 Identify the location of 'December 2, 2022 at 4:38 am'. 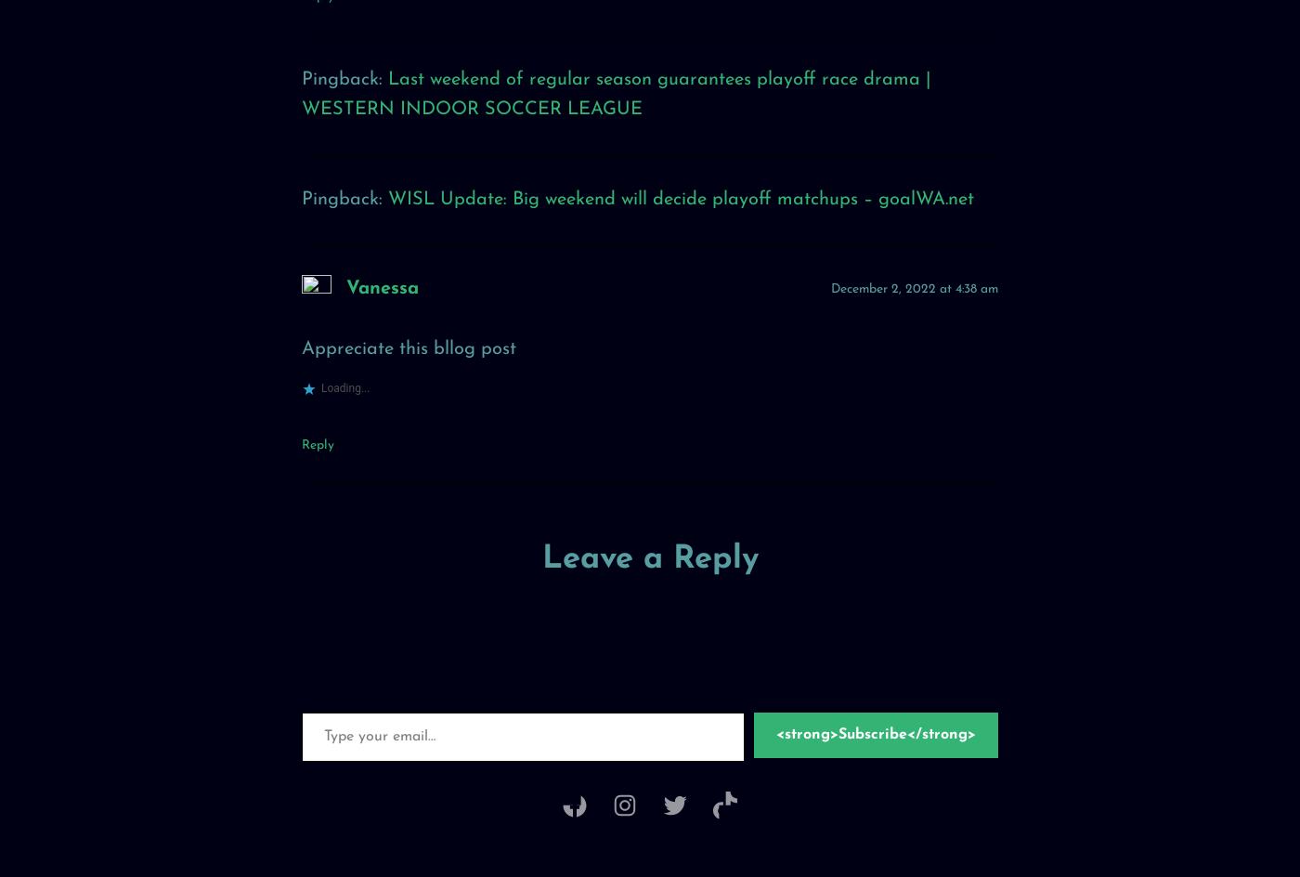
(830, 287).